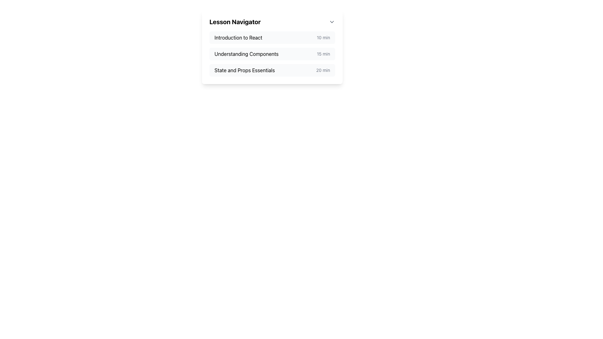 Image resolution: width=603 pixels, height=339 pixels. What do you see at coordinates (331, 21) in the screenshot?
I see `the dropdown toggle button represented by a downward-pointing chevron symbol located in the upper-right corner of the 'Lesson Navigator' header to change the icon's color from gray to blue` at bounding box center [331, 21].